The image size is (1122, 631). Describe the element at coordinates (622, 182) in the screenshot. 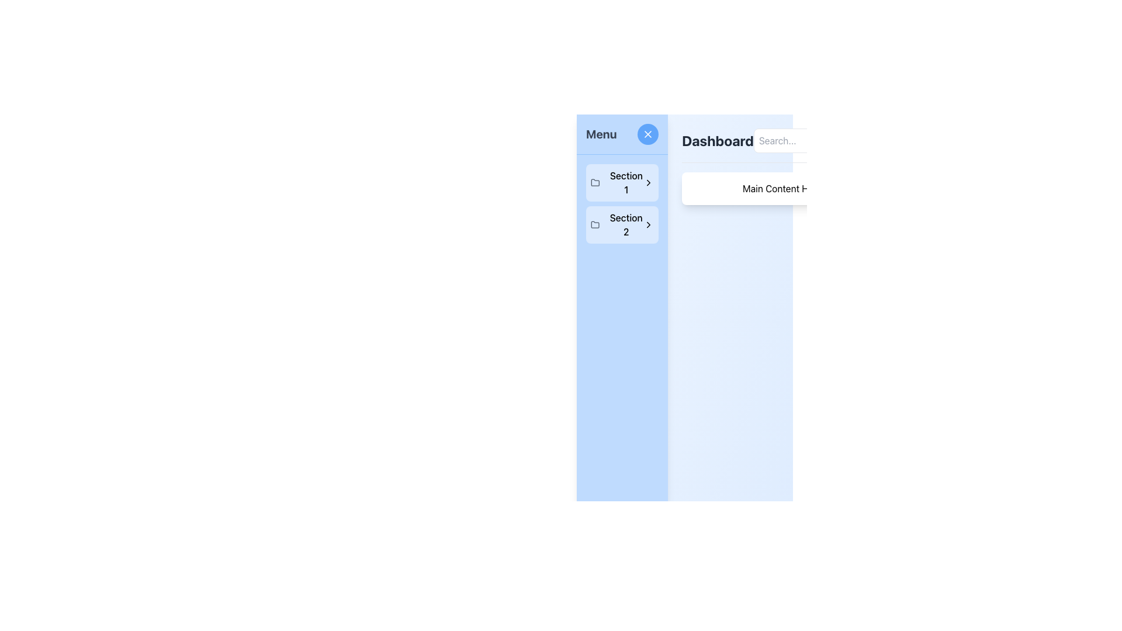

I see `the 'Section 1' clickable menu item, which is the first item in the sidebar menu` at that location.